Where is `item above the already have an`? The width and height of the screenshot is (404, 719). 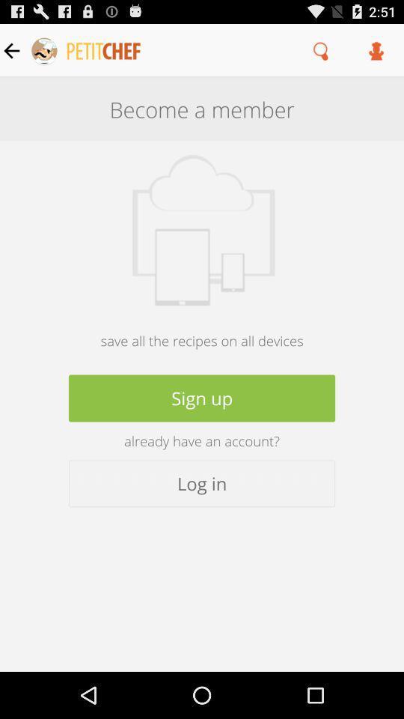 item above the already have an is located at coordinates (202, 397).